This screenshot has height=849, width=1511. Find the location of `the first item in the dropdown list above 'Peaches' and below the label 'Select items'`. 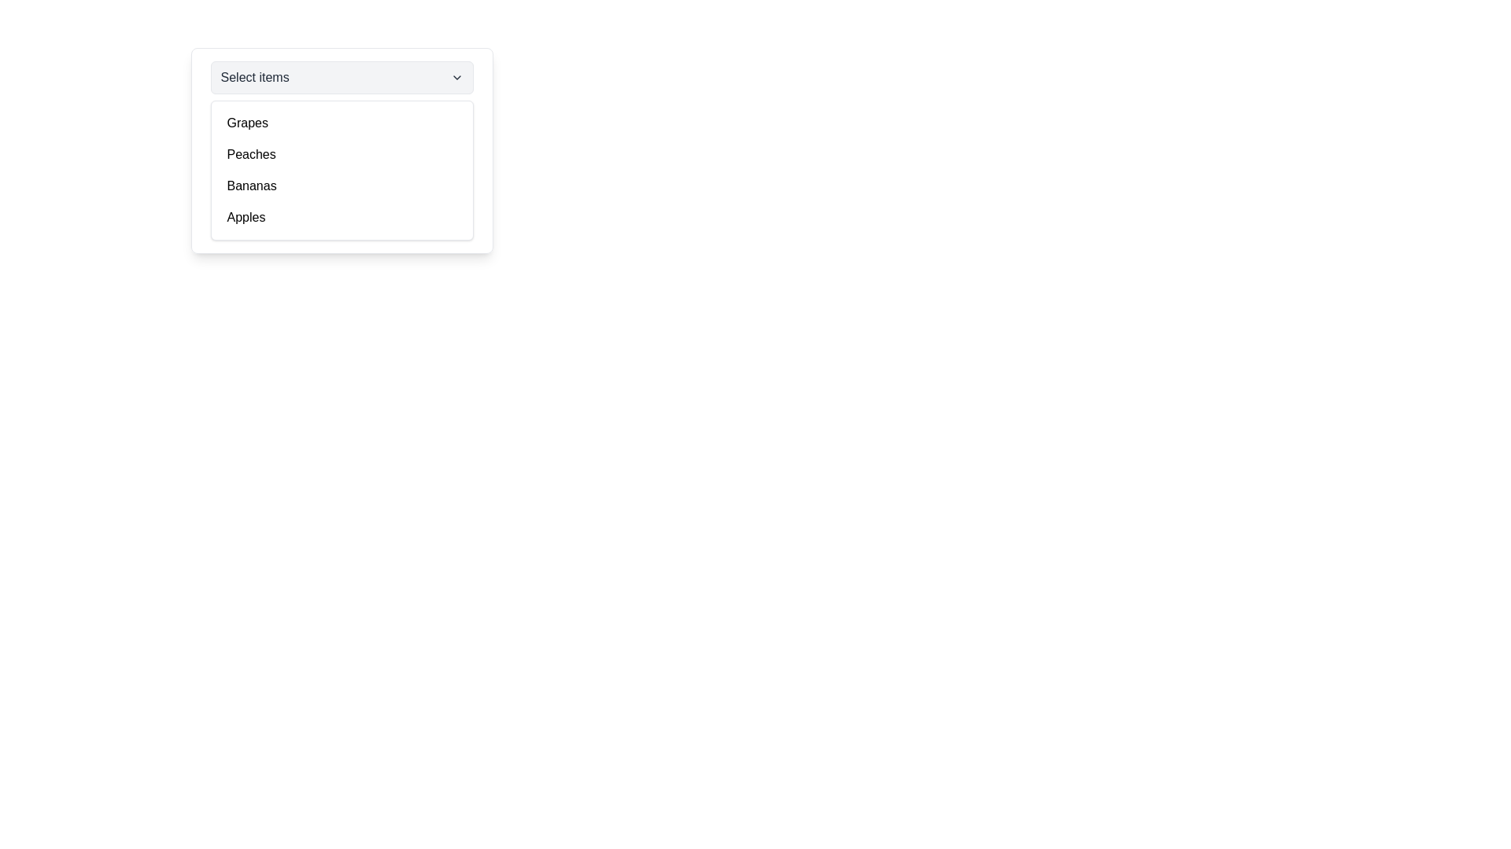

the first item in the dropdown list above 'Peaches' and below the label 'Select items' is located at coordinates (246, 123).